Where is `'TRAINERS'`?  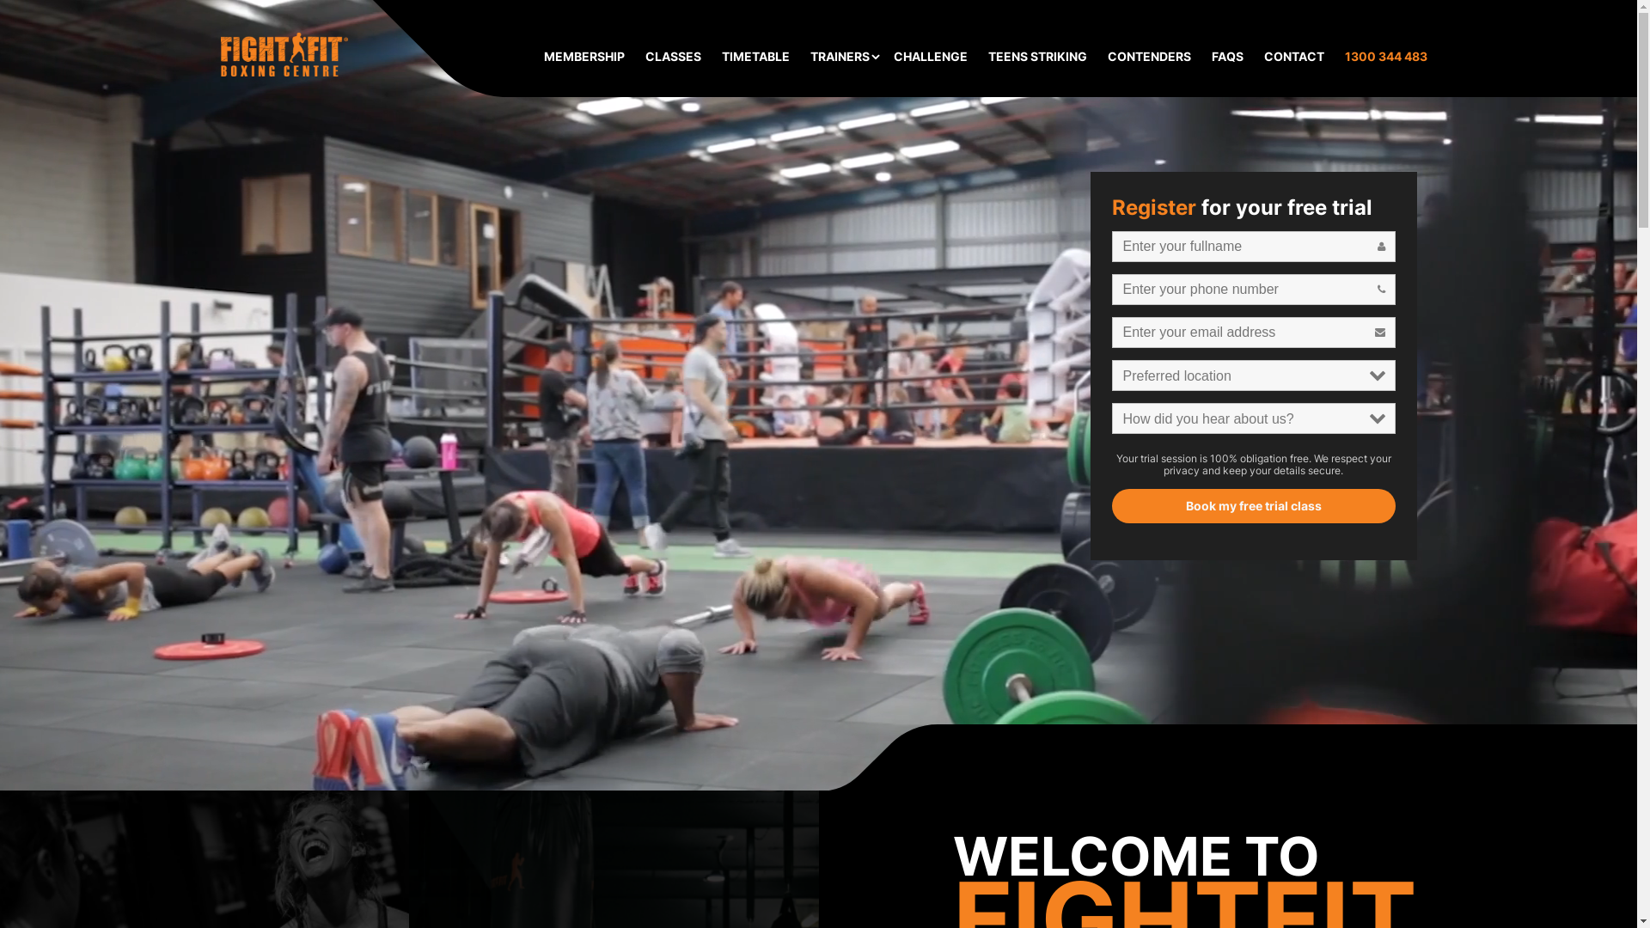
'TRAINERS' is located at coordinates (839, 55).